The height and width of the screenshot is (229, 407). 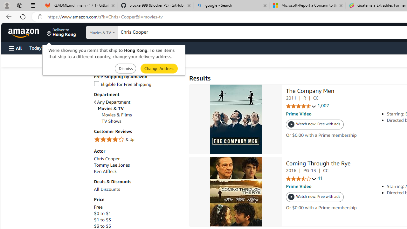 What do you see at coordinates (112, 102) in the screenshot?
I see `'Any Department'` at bounding box center [112, 102].